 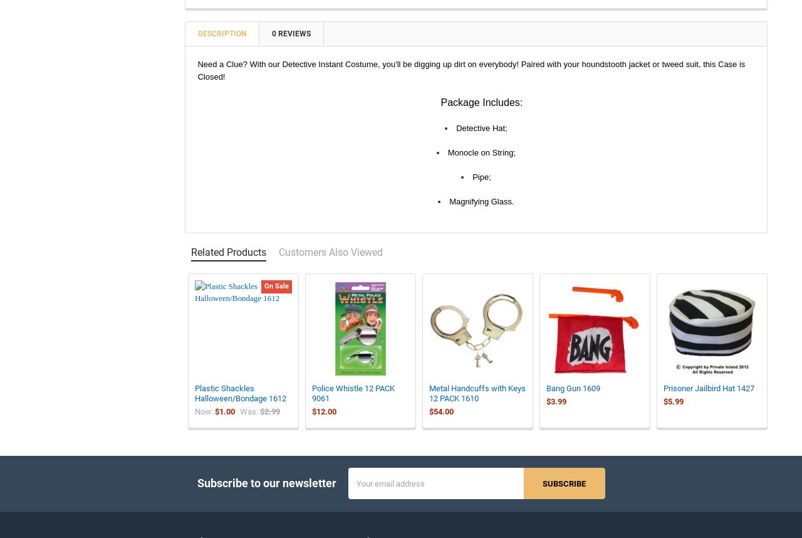 What do you see at coordinates (662, 409) in the screenshot?
I see `'$5.99'` at bounding box center [662, 409].